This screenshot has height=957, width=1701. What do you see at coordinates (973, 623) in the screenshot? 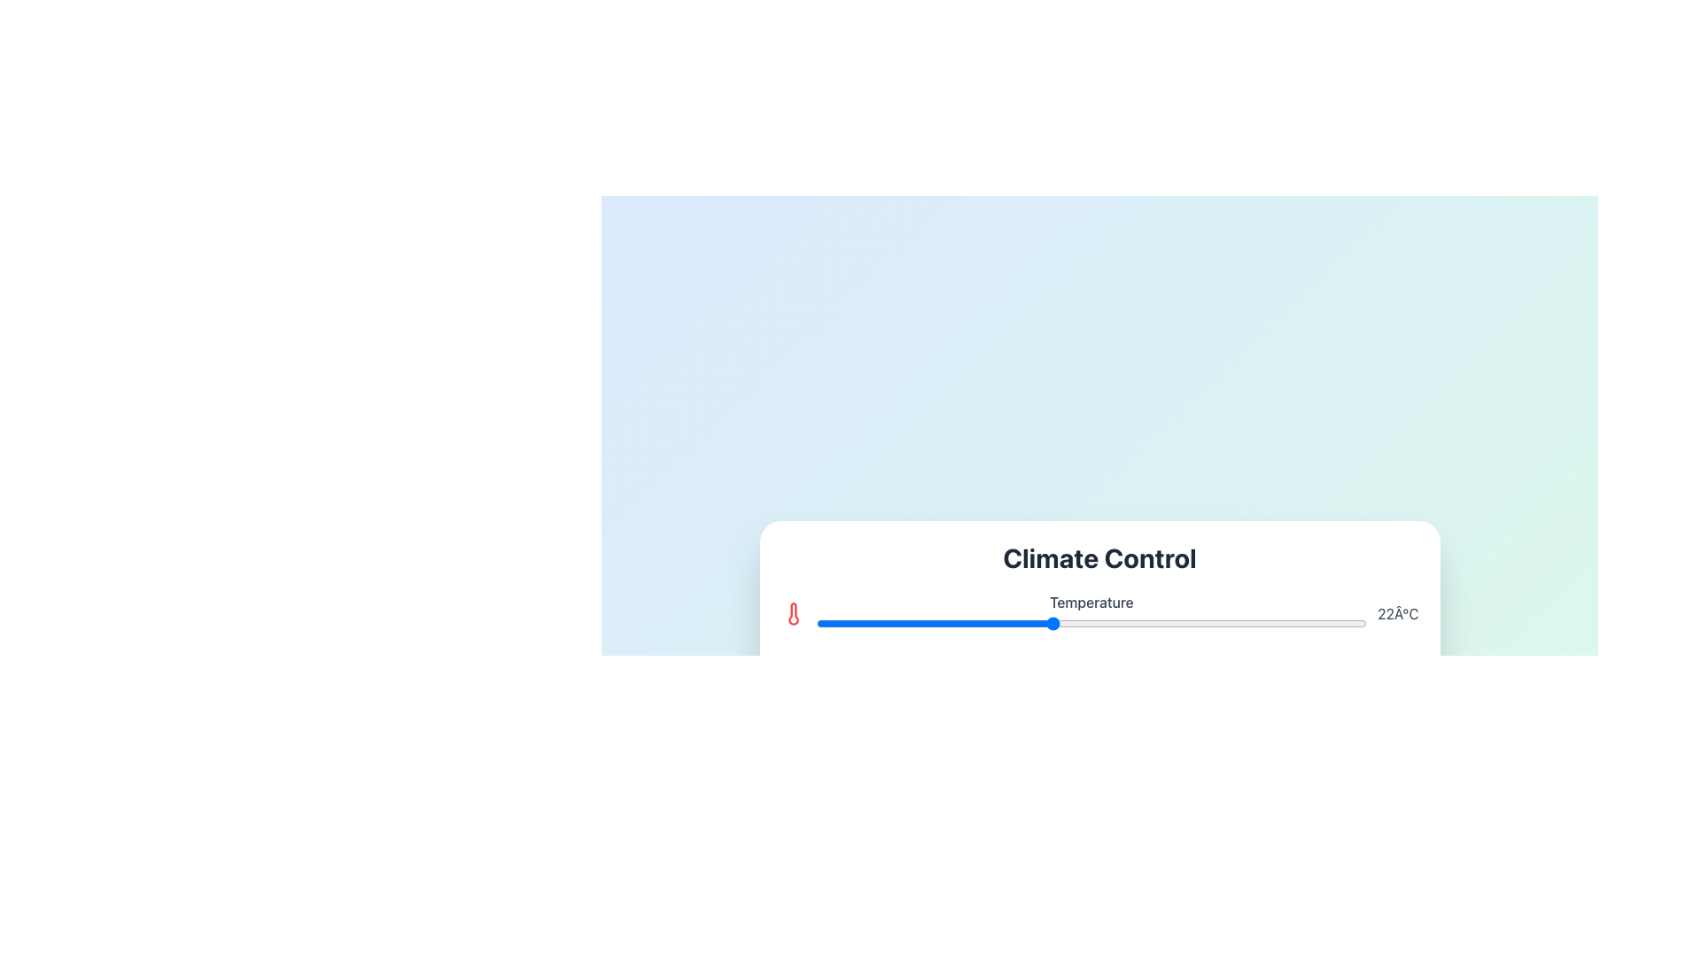
I see `the temperature slider` at bounding box center [973, 623].